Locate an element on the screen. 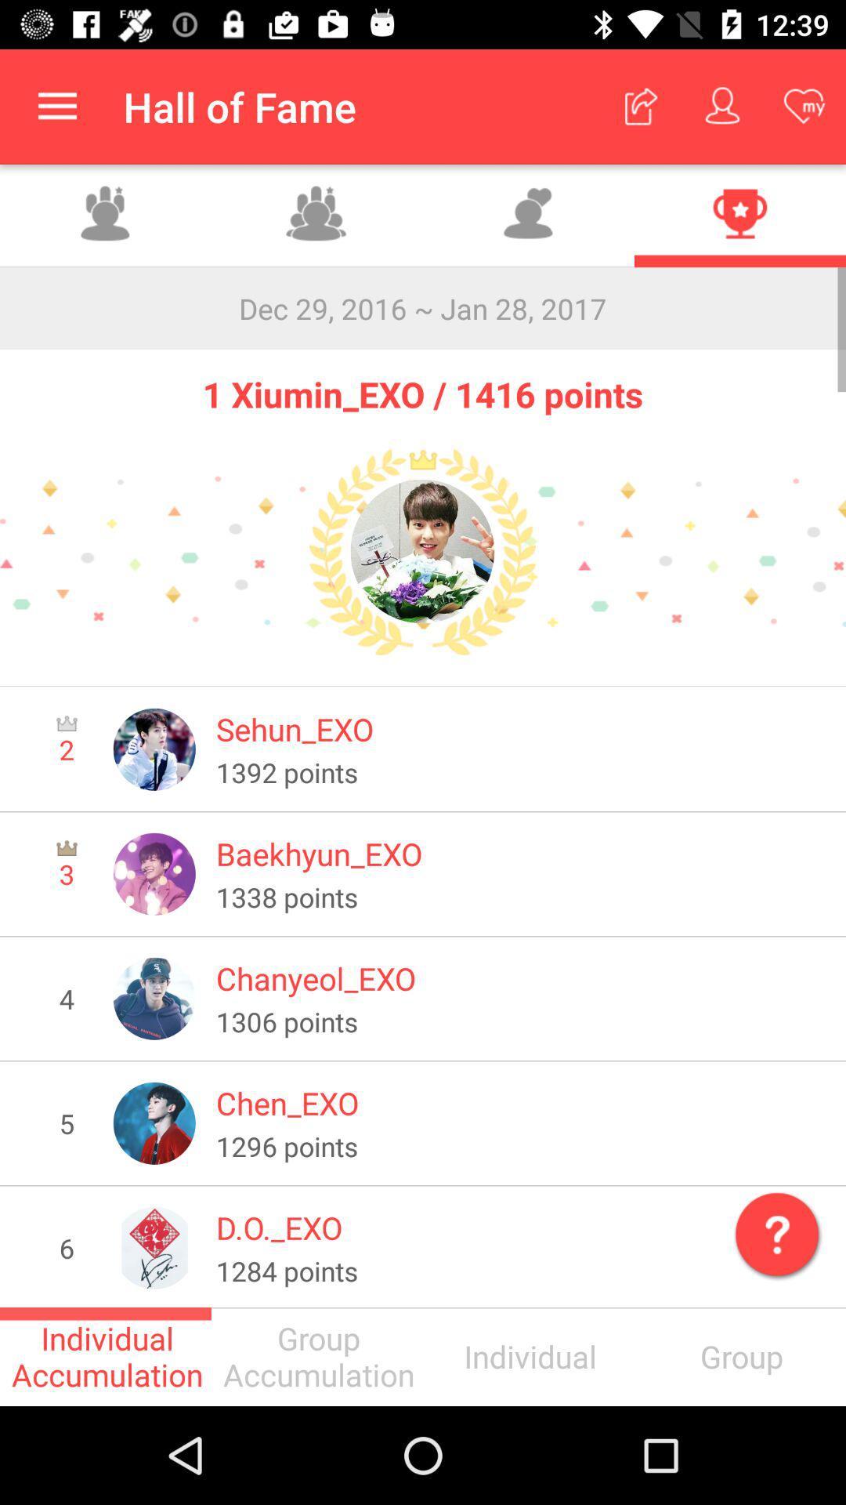  help is located at coordinates (773, 1230).